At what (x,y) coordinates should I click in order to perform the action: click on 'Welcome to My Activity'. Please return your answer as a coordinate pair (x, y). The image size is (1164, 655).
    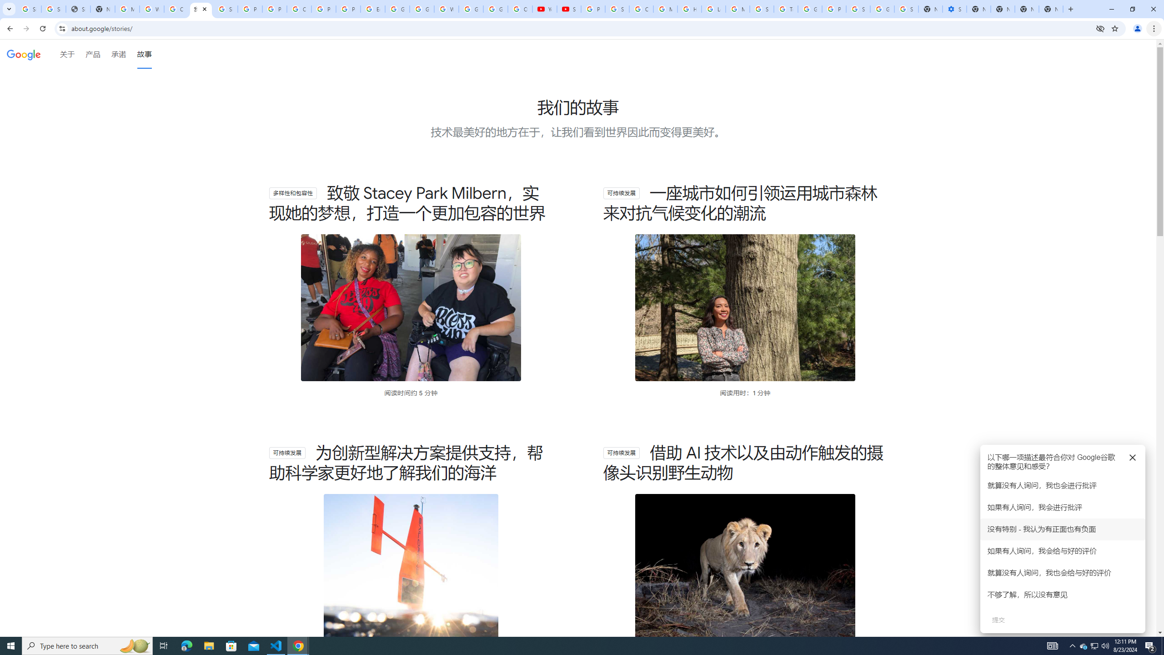
    Looking at the image, I should click on (447, 9).